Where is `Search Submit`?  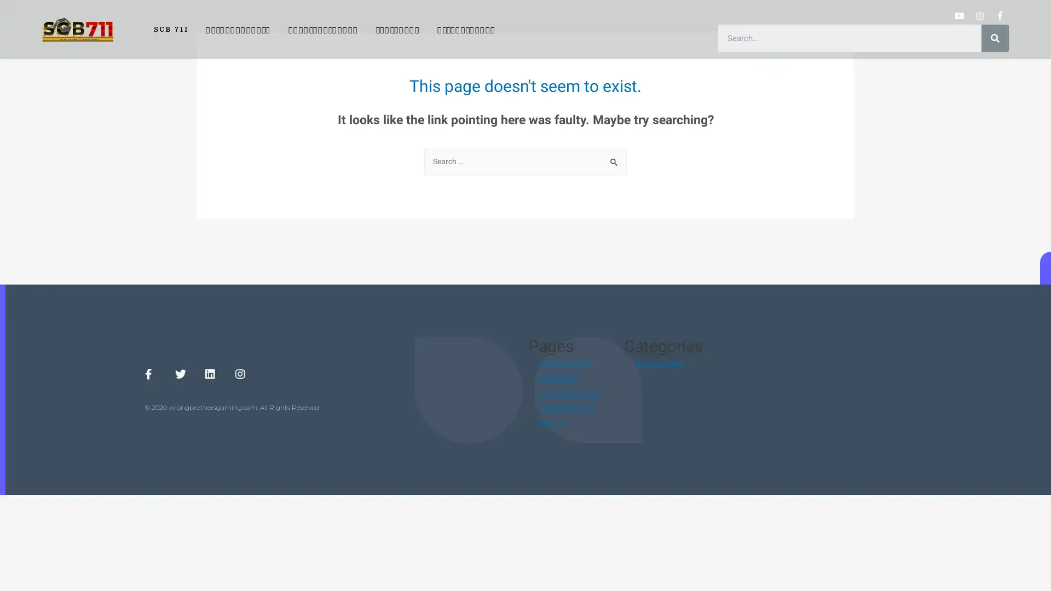 Search Submit is located at coordinates (614, 163).